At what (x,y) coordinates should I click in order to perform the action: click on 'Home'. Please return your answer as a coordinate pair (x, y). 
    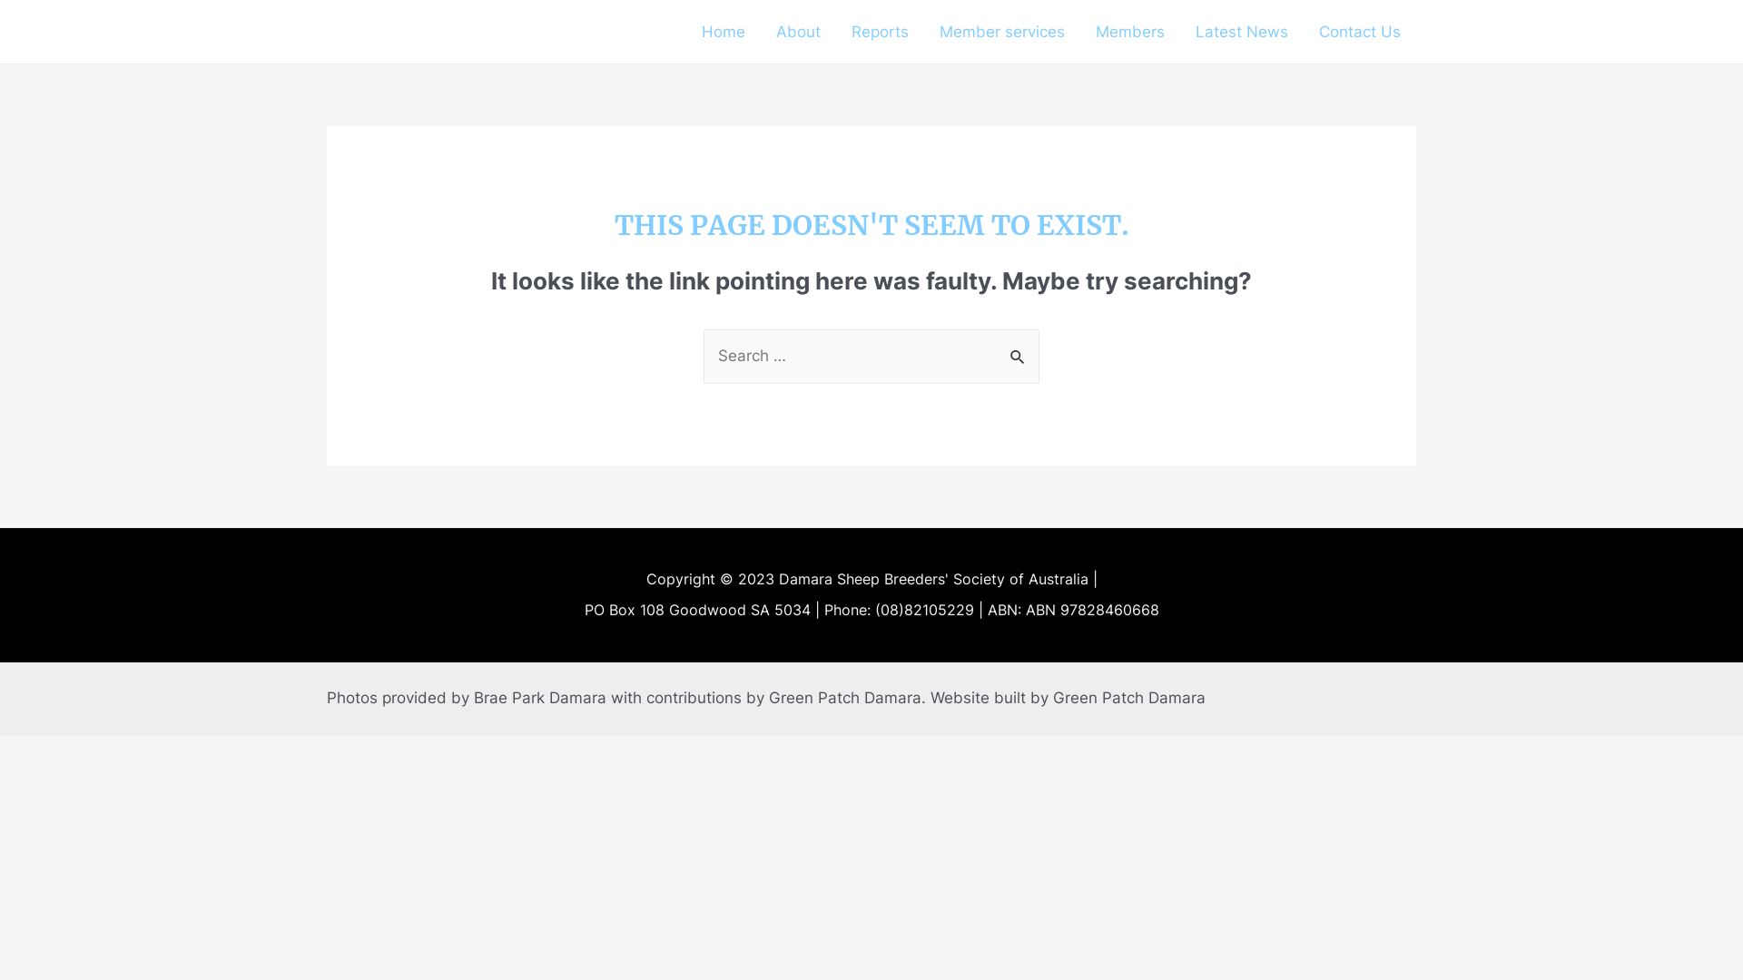
    Looking at the image, I should click on (722, 31).